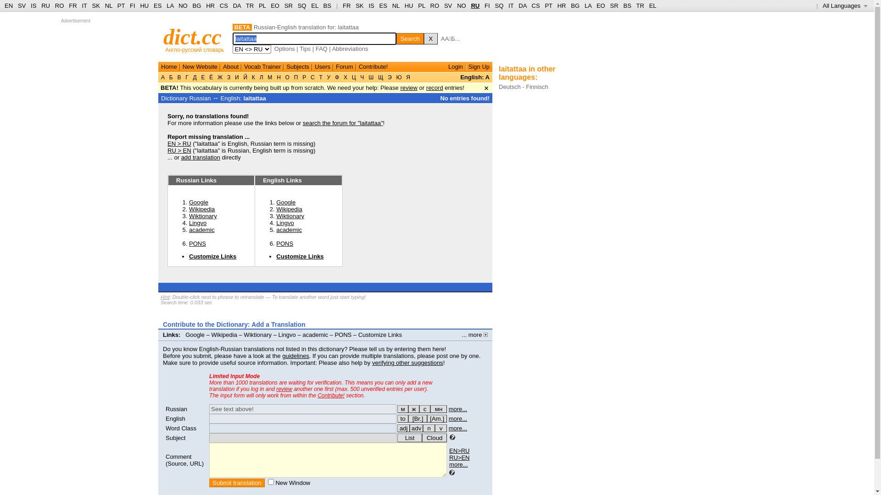  I want to click on 'Abbreviations', so click(350, 49).